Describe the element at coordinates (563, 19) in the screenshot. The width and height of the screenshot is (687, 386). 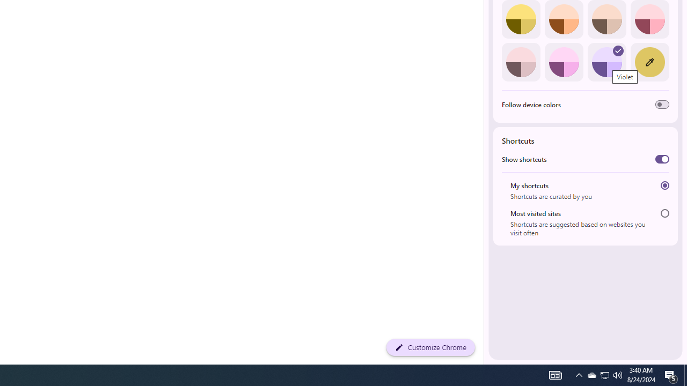
I see `'Orange'` at that location.